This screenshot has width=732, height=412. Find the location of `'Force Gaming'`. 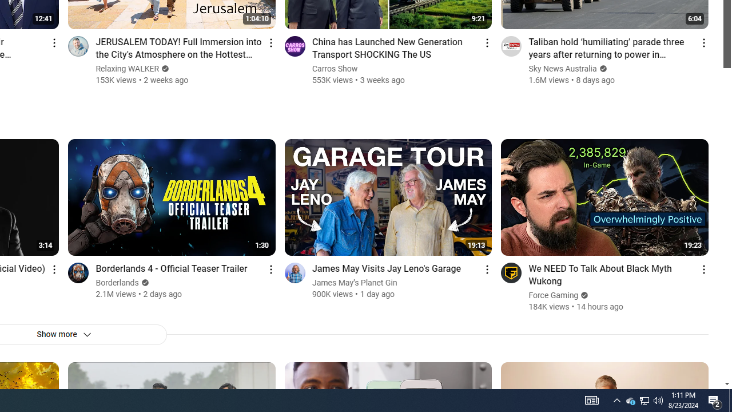

'Force Gaming' is located at coordinates (554, 295).